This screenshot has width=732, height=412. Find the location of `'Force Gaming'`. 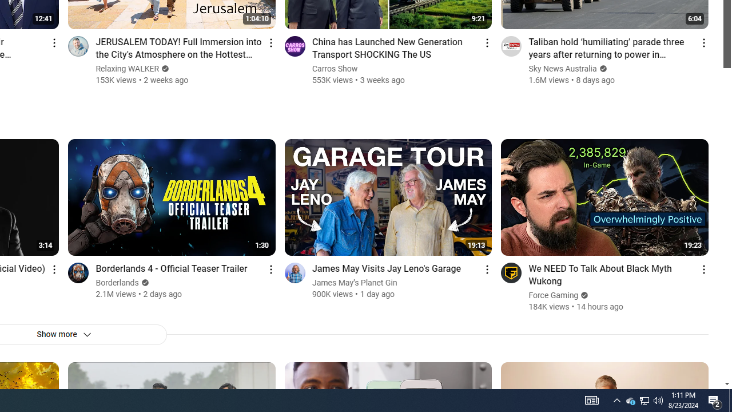

'Force Gaming' is located at coordinates (554, 295).